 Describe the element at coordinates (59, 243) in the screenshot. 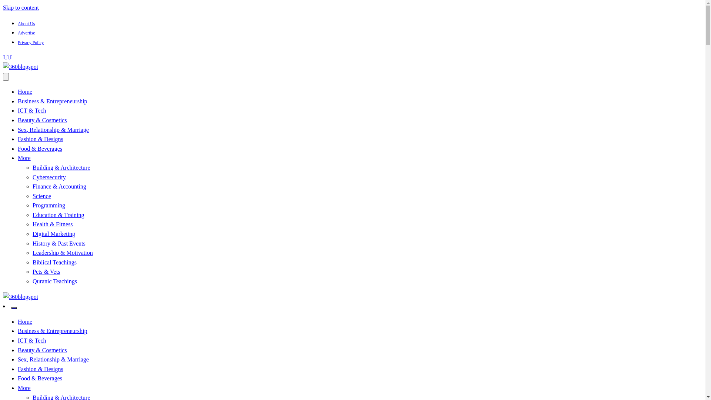

I see `'History & Past Events'` at that location.